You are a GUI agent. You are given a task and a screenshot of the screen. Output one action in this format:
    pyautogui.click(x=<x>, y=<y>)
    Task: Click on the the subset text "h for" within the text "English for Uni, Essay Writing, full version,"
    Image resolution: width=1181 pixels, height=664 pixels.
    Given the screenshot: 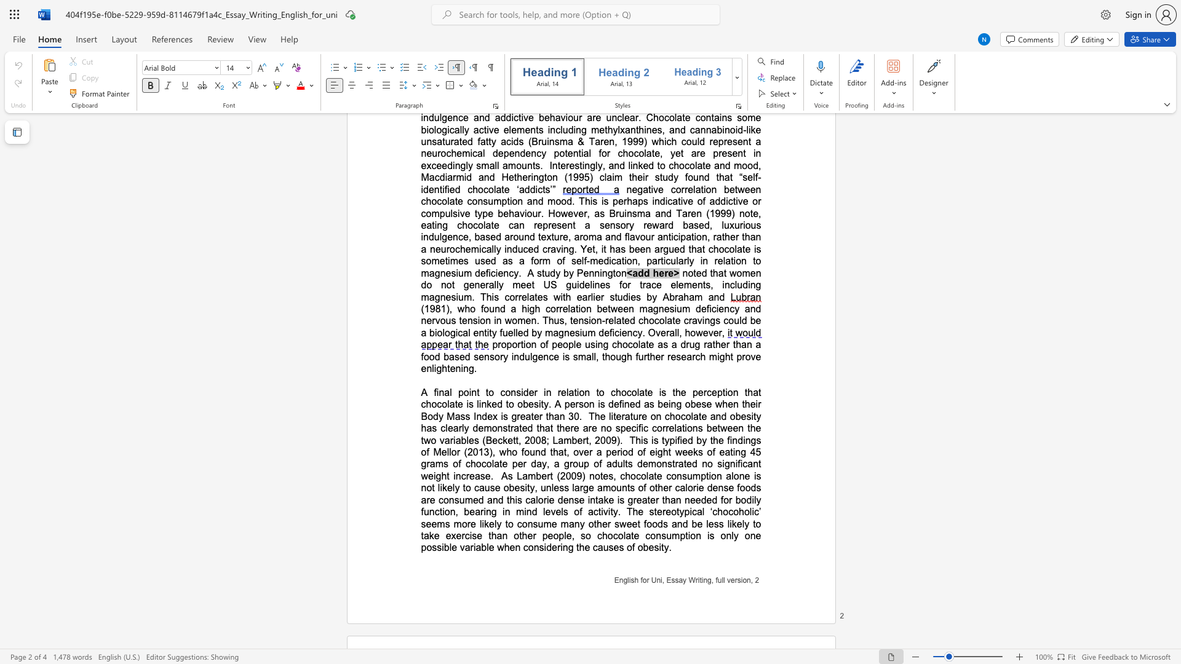 What is the action you would take?
    pyautogui.click(x=634, y=580)
    